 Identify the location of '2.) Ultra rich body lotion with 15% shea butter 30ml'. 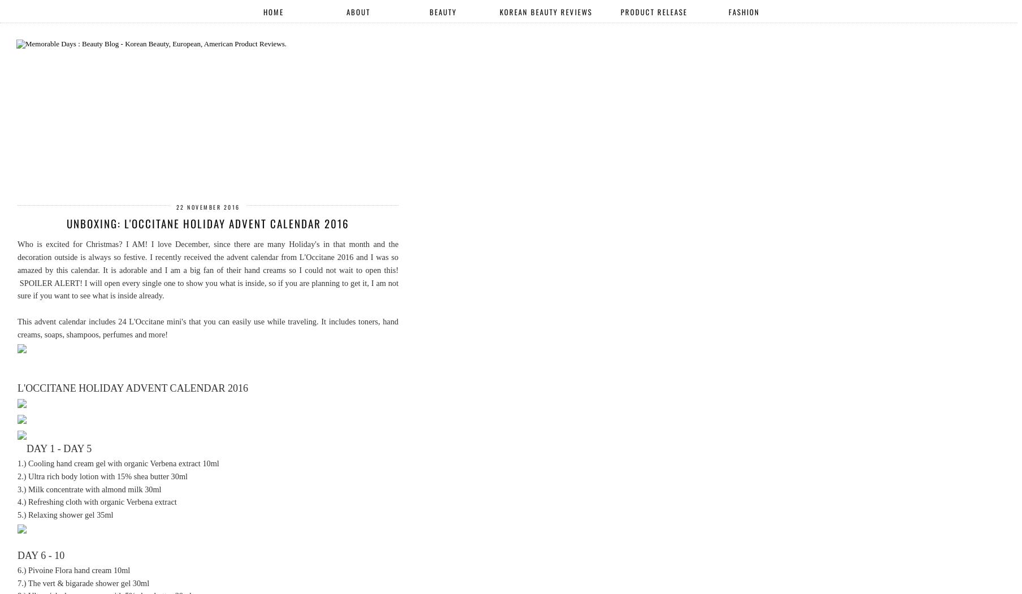
(102, 475).